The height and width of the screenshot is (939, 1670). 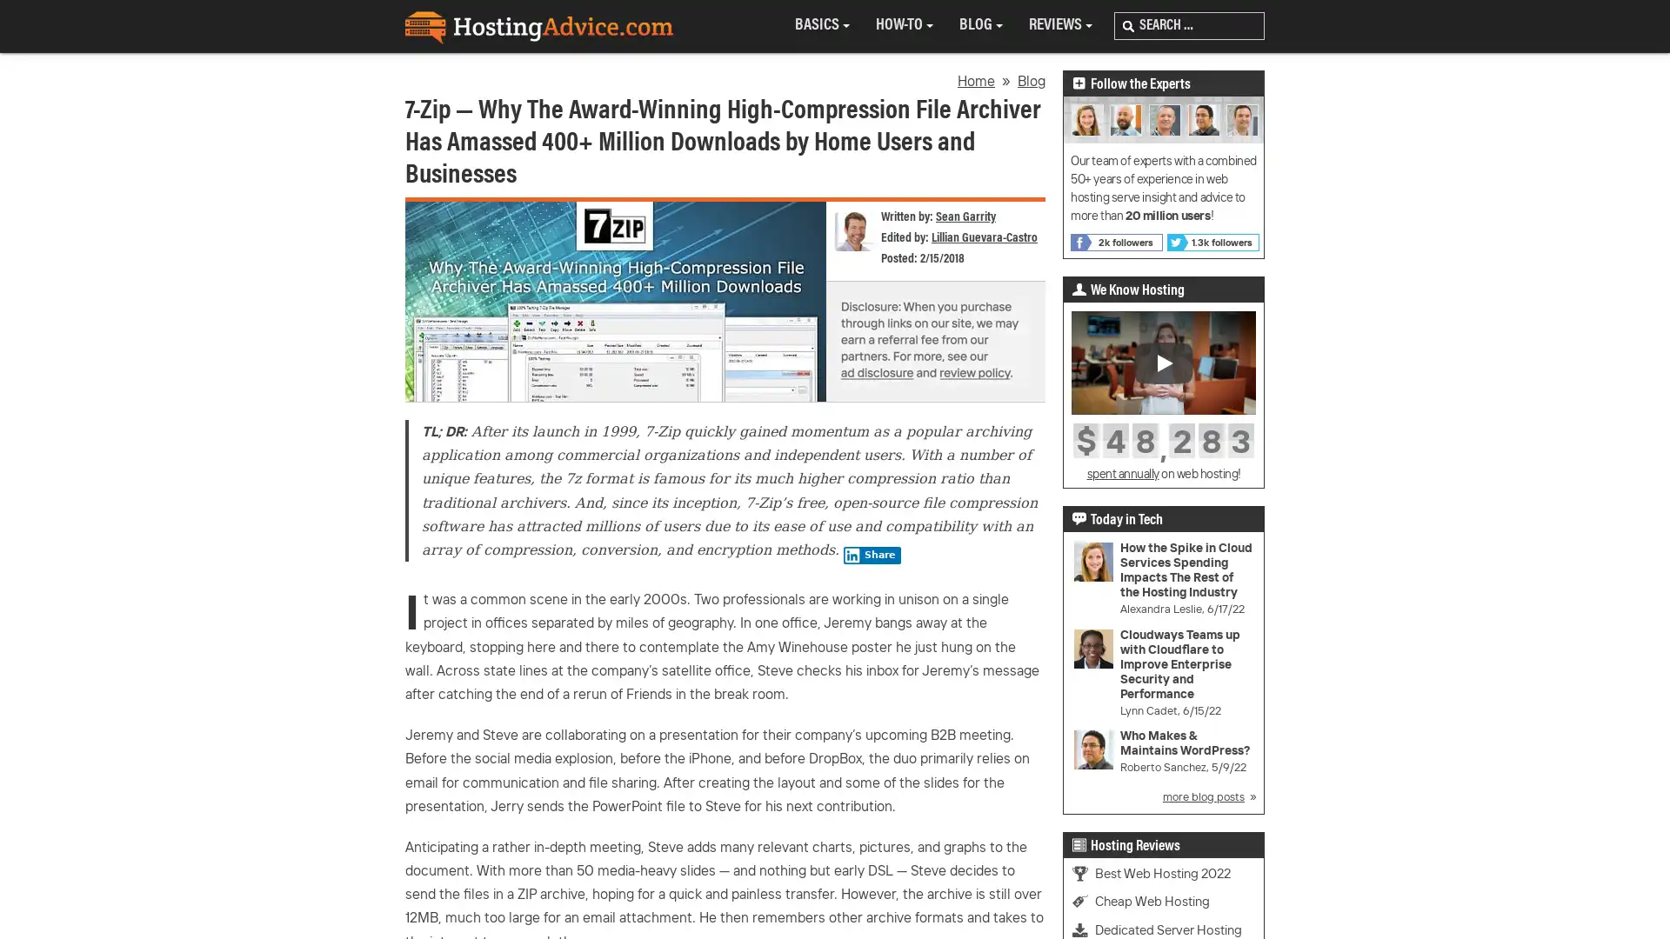 I want to click on Search, so click(x=1128, y=26).